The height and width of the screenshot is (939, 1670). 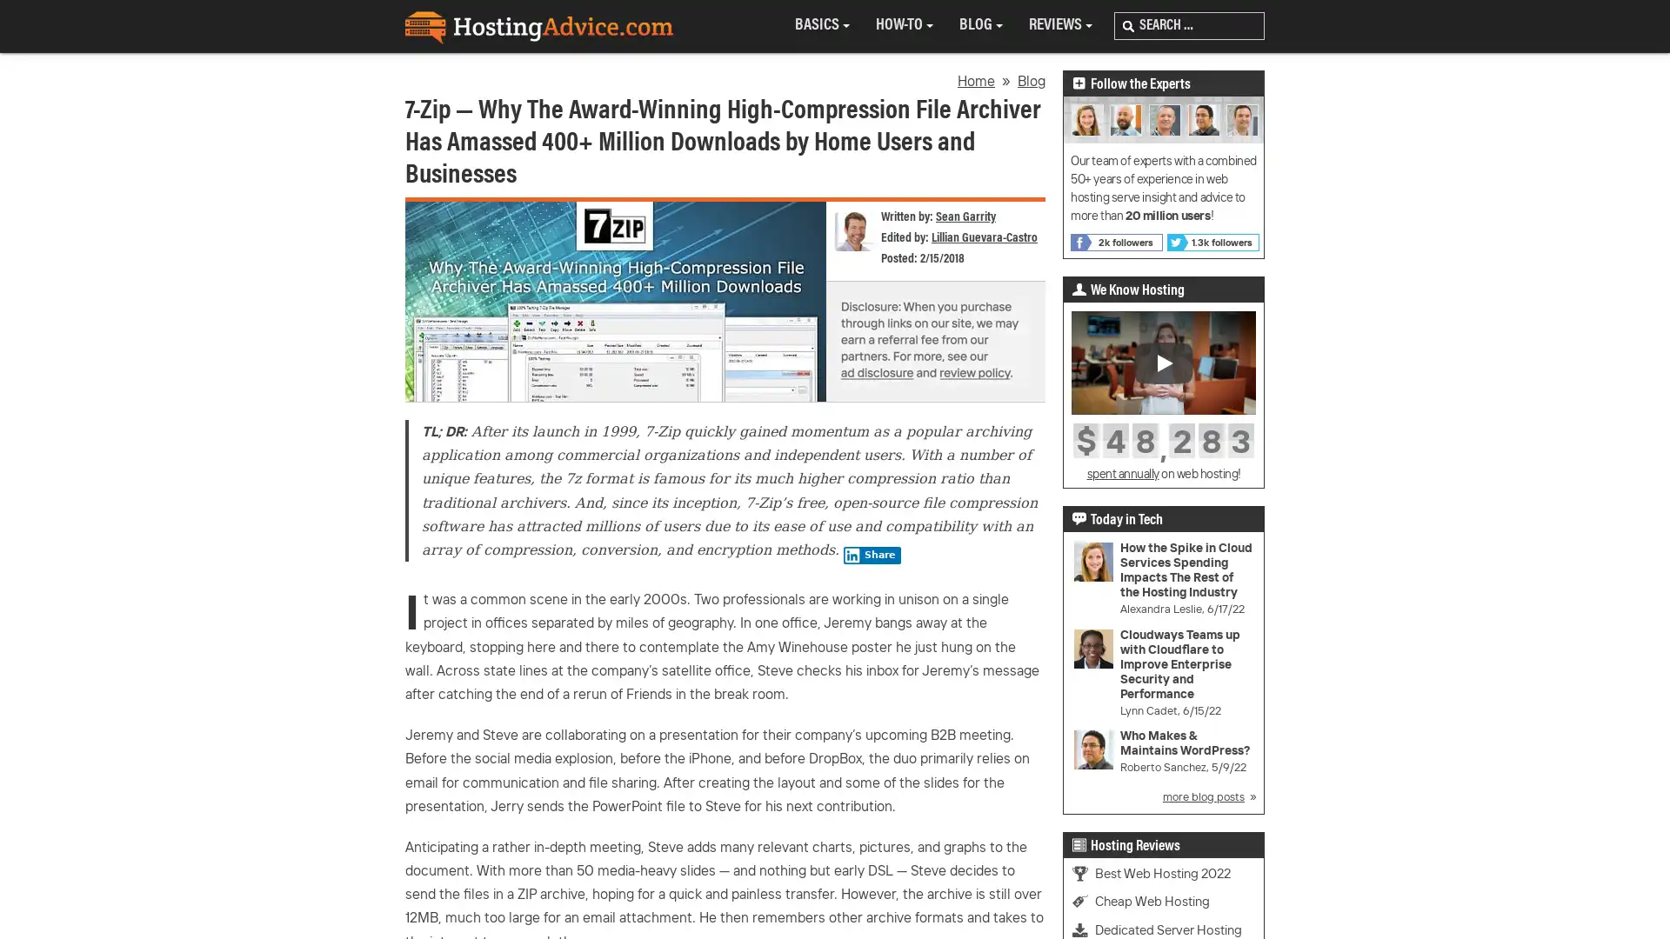 I want to click on Search, so click(x=1128, y=26).